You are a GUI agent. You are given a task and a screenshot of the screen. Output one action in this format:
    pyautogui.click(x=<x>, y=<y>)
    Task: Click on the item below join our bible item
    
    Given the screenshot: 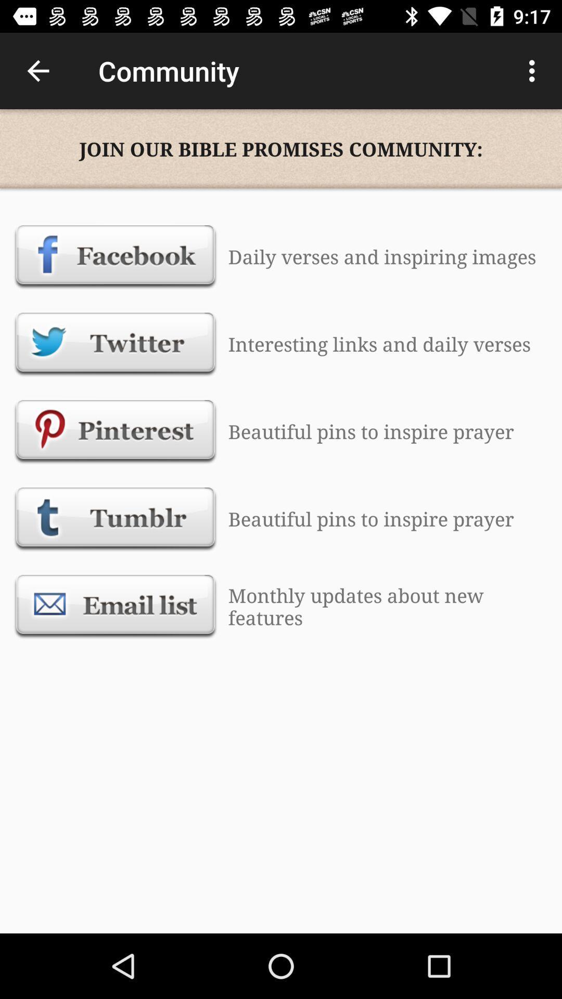 What is the action you would take?
    pyautogui.click(x=116, y=257)
    